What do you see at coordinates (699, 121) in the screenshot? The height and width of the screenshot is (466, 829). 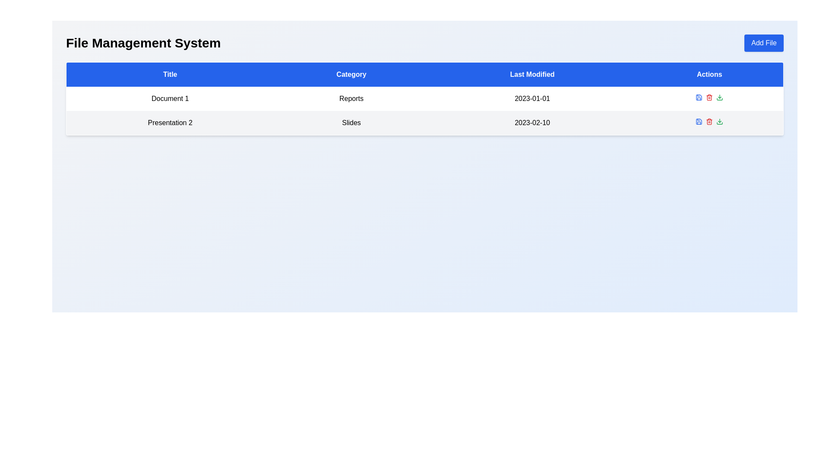 I see `the blue floppy disk icon in the 'Actions' column for the 'Presentation 2' file` at bounding box center [699, 121].